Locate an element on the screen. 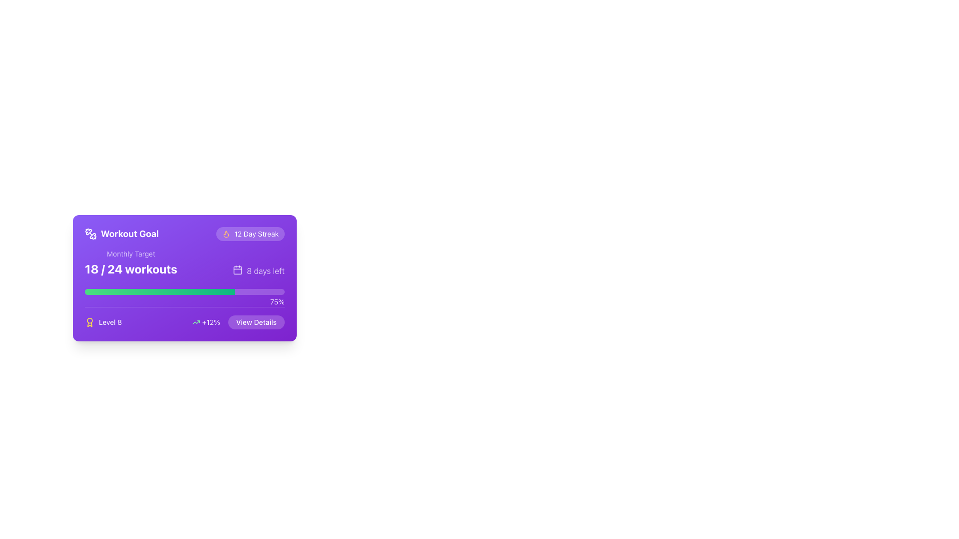 The width and height of the screenshot is (959, 539). the visual representation of the flame icon located at the bottom-left corner of the purple card layout, which indicates a progress level or achievement status is located at coordinates (226, 234).